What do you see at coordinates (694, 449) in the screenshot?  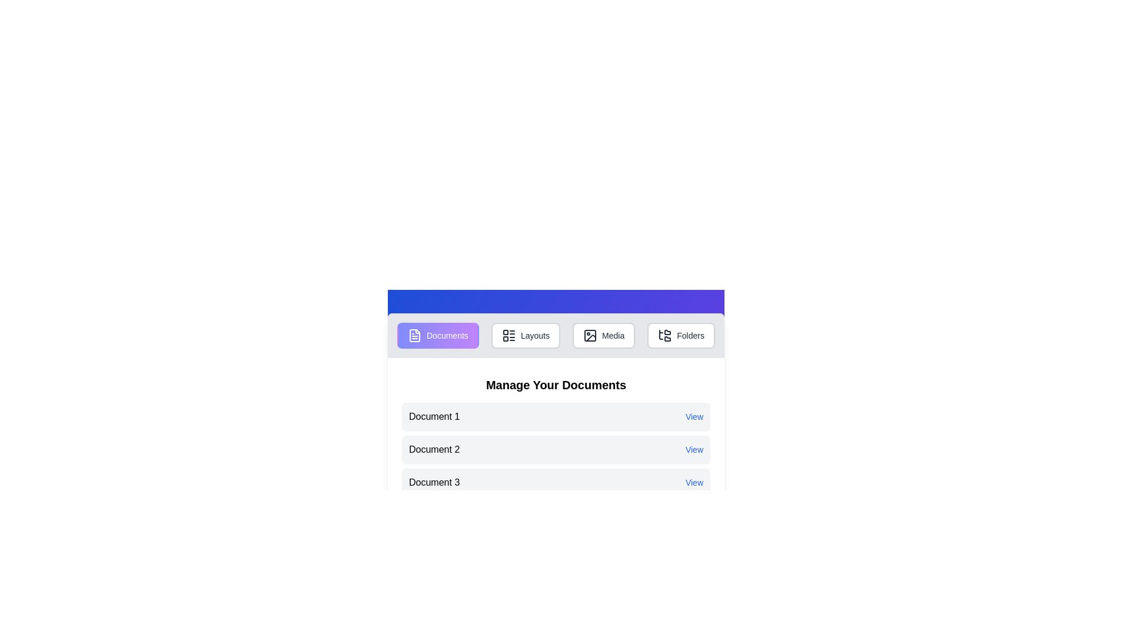 I see `the small, blue-colored, underlined text link labeled 'View' in the rightmost segment of the row labeled 'Document 2', which is part of the 'Manage Your Documents' section` at bounding box center [694, 449].